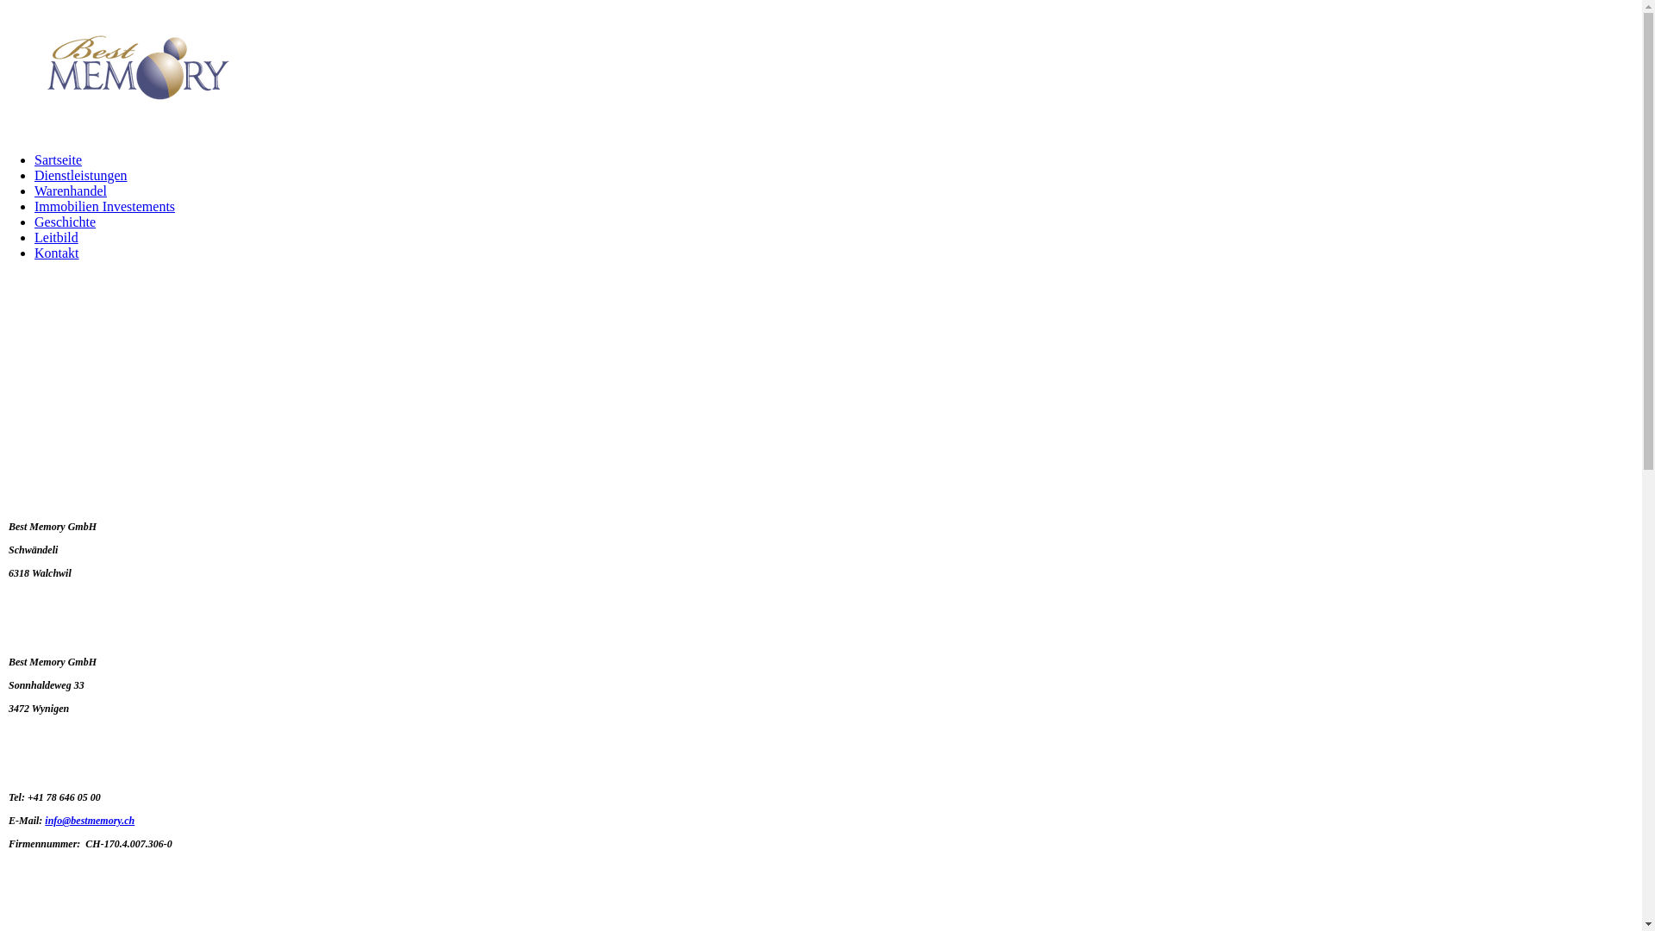  What do you see at coordinates (103, 205) in the screenshot?
I see `'Immobilien Investements'` at bounding box center [103, 205].